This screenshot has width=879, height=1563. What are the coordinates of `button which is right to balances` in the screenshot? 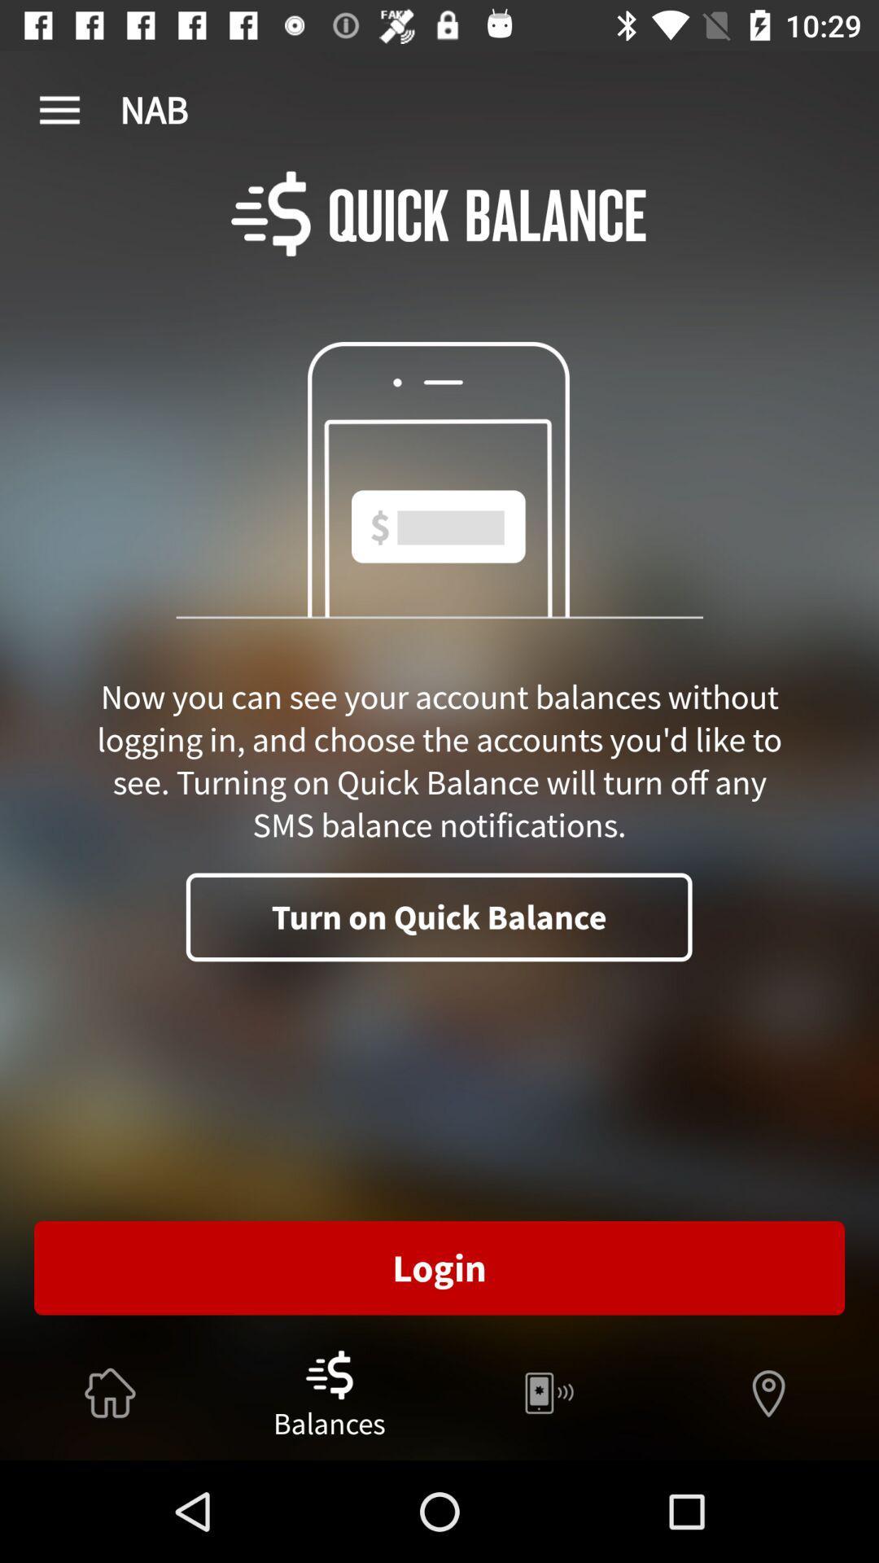 It's located at (549, 1392).